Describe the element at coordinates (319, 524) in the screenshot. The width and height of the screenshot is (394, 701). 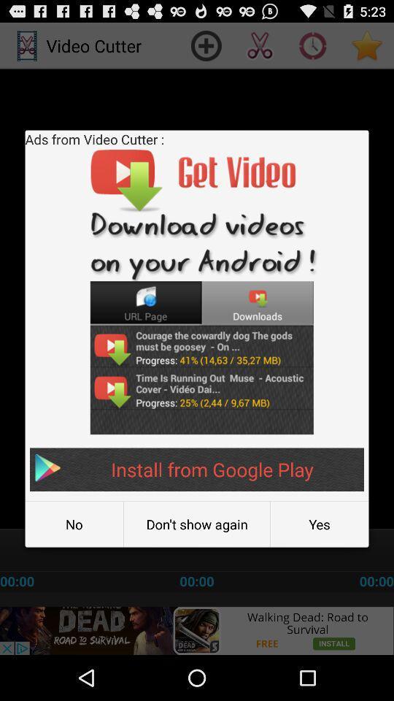
I see `the button to the right of don t show button` at that location.